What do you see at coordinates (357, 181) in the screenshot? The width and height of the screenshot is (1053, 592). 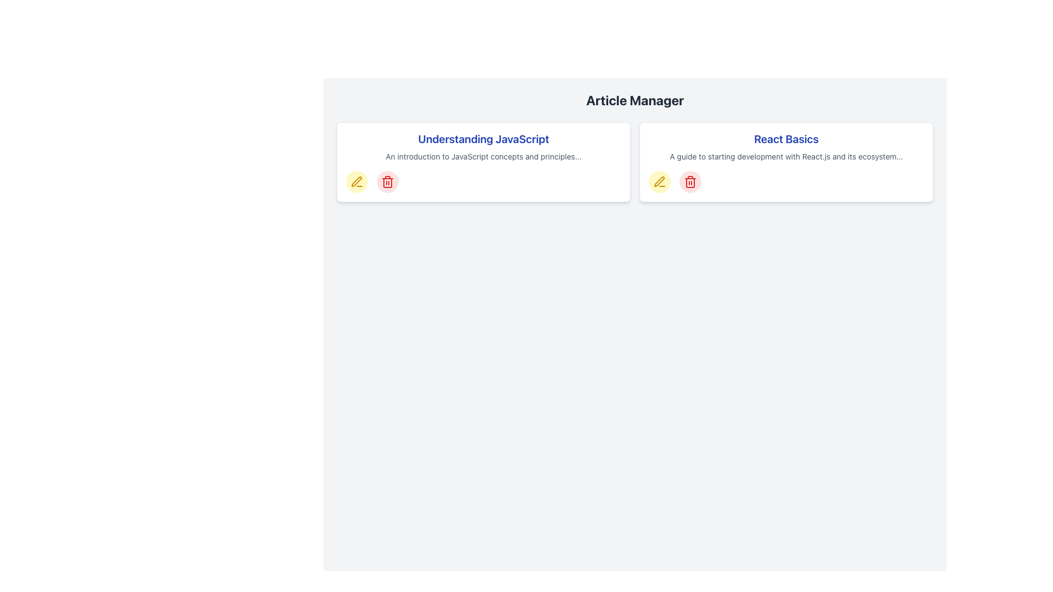 I see `the pen icon representing the edit functionality to initiate editing of the content associated with the article titled 'Understanding JavaScript.'` at bounding box center [357, 181].